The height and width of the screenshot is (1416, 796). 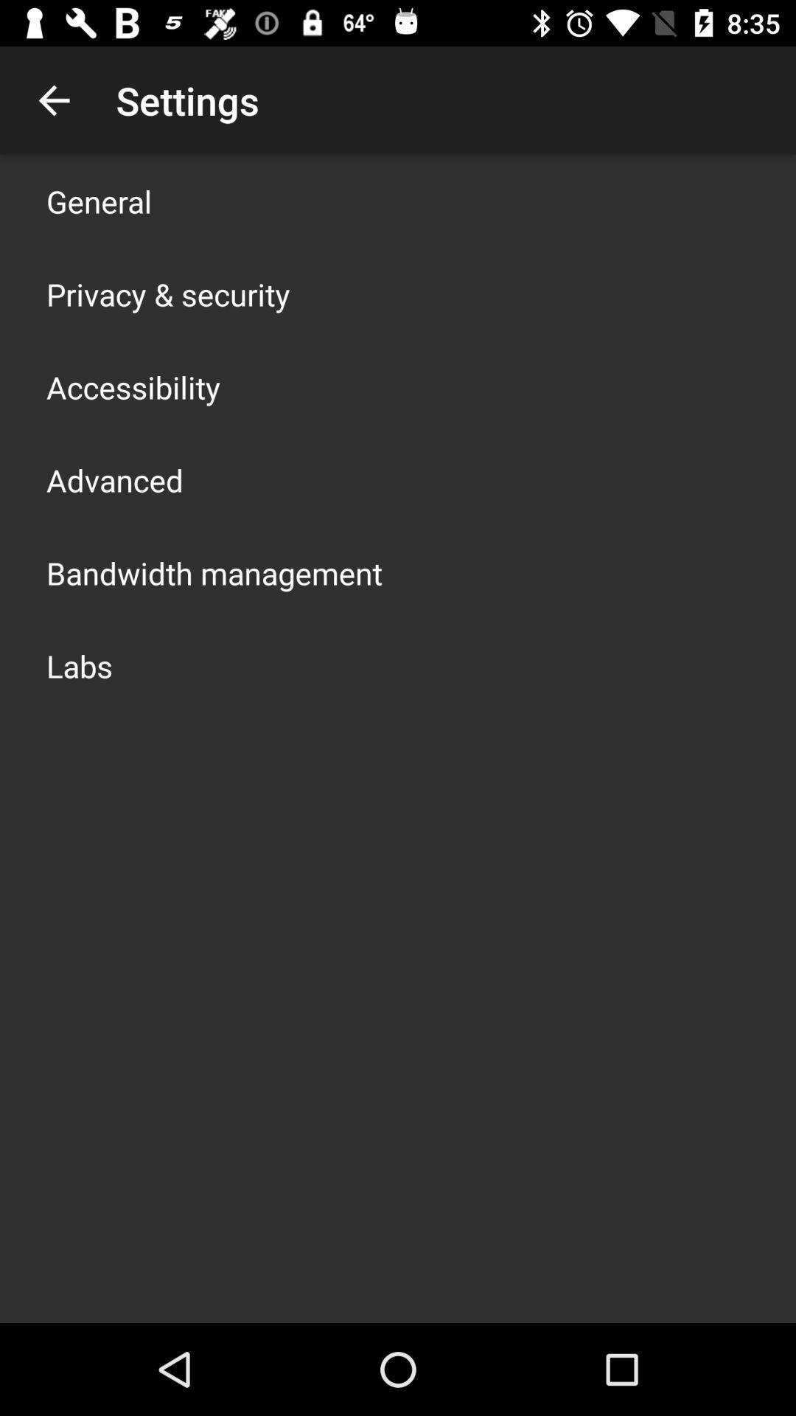 I want to click on item above the accessibility app, so click(x=167, y=294).